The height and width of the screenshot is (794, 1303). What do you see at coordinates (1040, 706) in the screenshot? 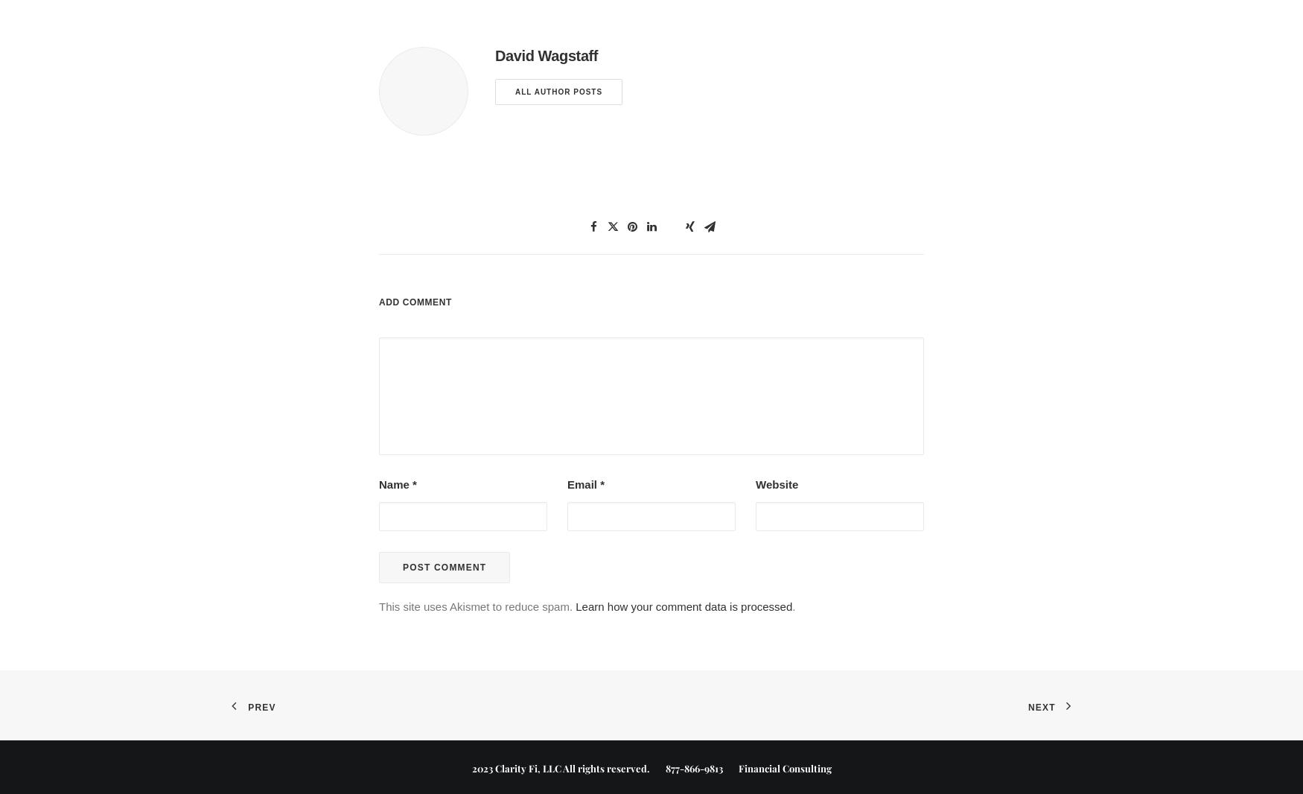
I see `'Next'` at bounding box center [1040, 706].